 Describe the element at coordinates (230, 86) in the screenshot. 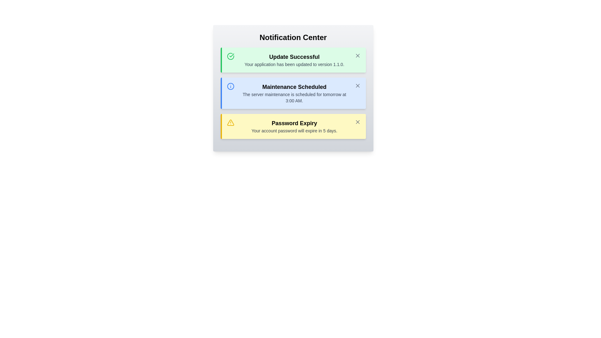

I see `the informational icon within the second notification card in the Notification Center` at that location.